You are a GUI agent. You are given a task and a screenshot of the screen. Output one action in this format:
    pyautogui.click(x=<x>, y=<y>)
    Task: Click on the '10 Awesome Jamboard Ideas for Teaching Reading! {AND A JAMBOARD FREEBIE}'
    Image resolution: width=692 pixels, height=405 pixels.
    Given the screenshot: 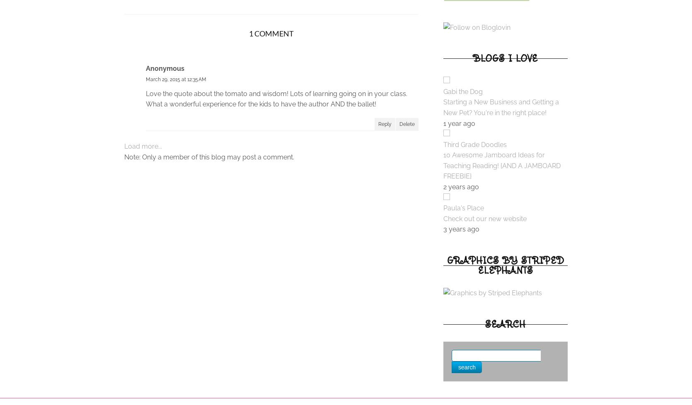 What is the action you would take?
    pyautogui.click(x=443, y=165)
    